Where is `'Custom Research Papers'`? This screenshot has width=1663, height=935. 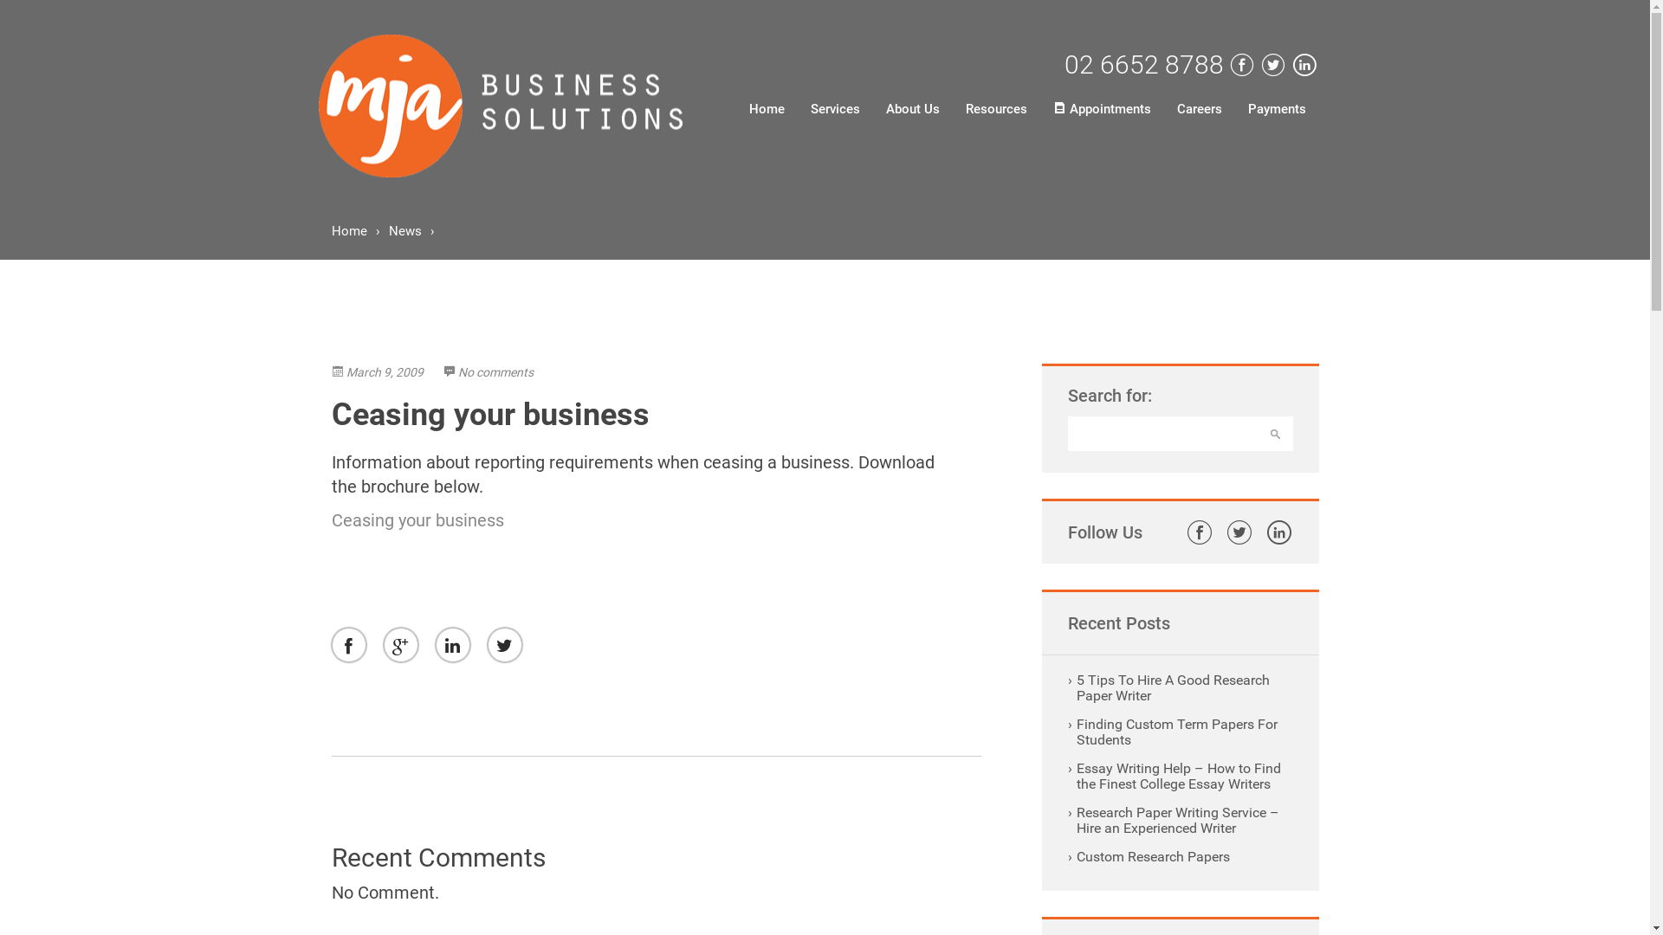
'Custom Research Papers' is located at coordinates (1075, 855).